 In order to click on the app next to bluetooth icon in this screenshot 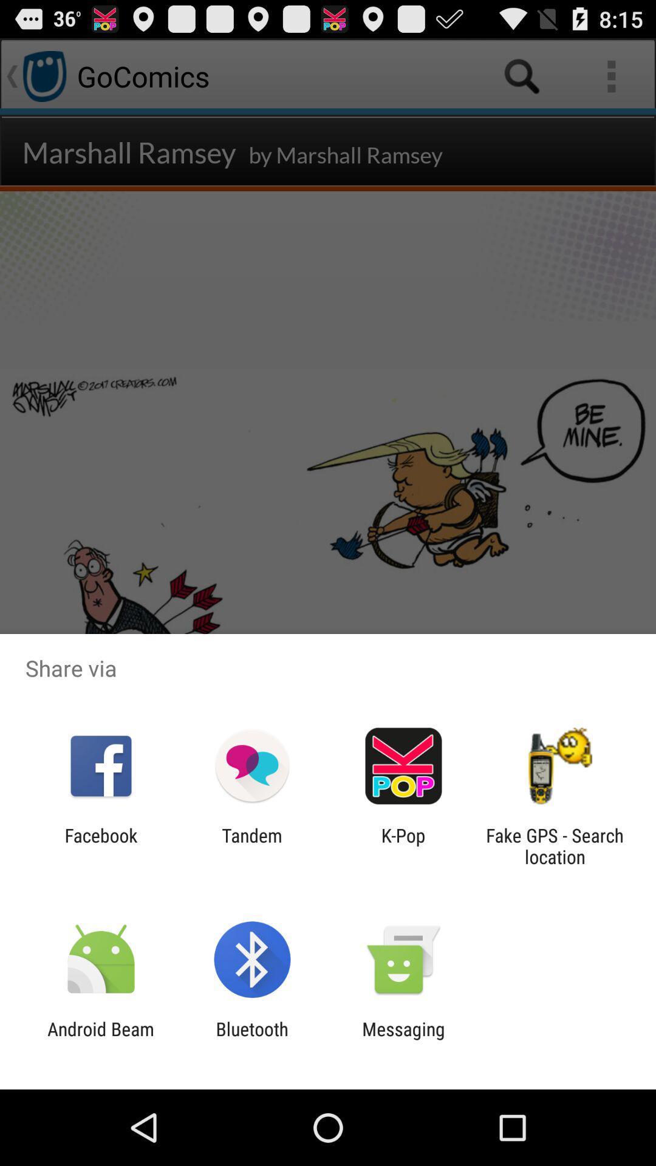, I will do `click(403, 1039)`.